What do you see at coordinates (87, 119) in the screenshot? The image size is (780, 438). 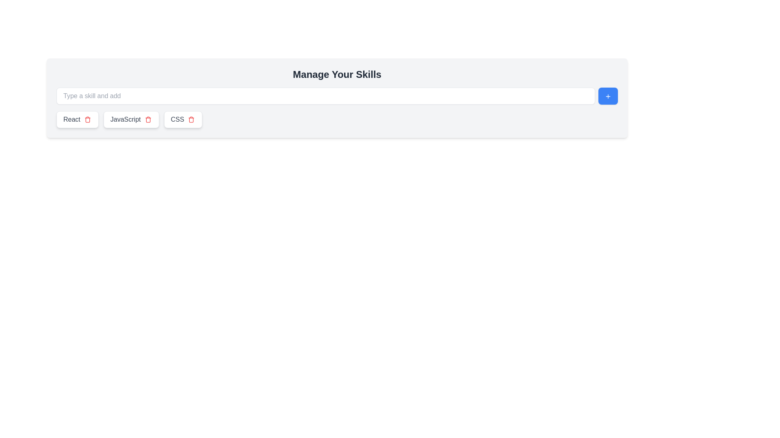 I see `delete icon for the skill React` at bounding box center [87, 119].